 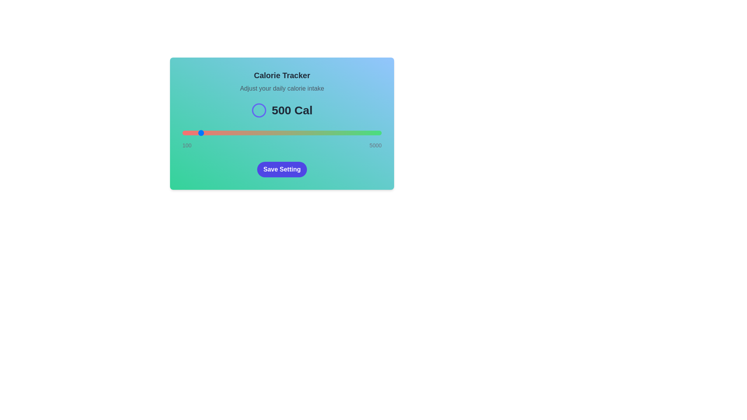 What do you see at coordinates (220, 133) in the screenshot?
I see `the slider to 1041 calories to observe the color gradient` at bounding box center [220, 133].